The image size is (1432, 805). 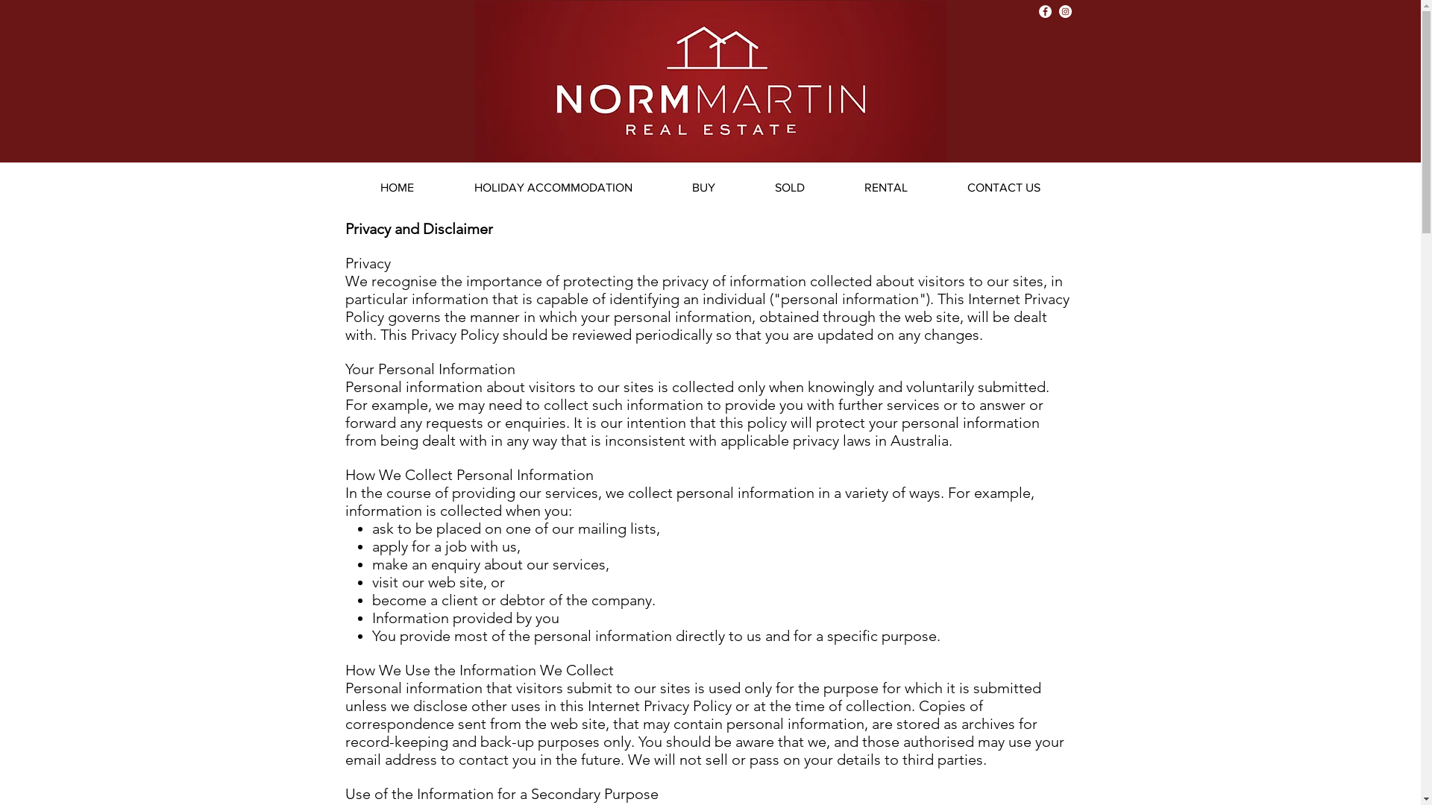 What do you see at coordinates (1002, 186) in the screenshot?
I see `'CONTACT US'` at bounding box center [1002, 186].